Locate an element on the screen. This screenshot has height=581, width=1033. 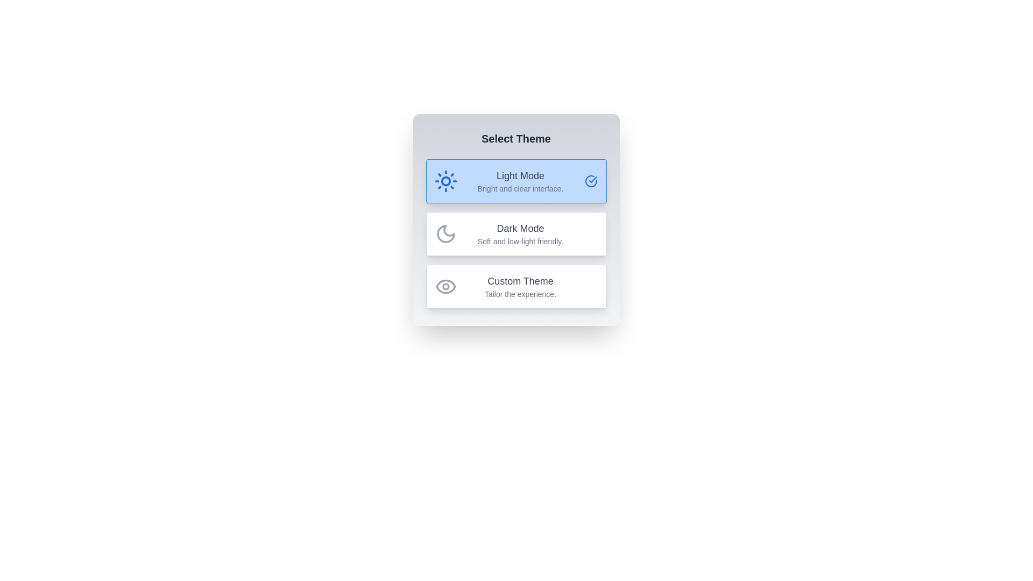
the descriptive subtitle text label for the 'Dark Mode' option in the theme selection panel, located immediately below the 'Dark Mode' label is located at coordinates (520, 240).